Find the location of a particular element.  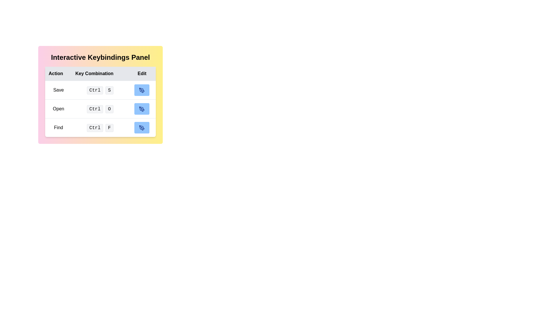

the 'Ctrl' key display button in the 'Key Combination' column, first row, indicating it is part of the 'Ctrl S' shortcut for the 'Save' action is located at coordinates (95, 90).